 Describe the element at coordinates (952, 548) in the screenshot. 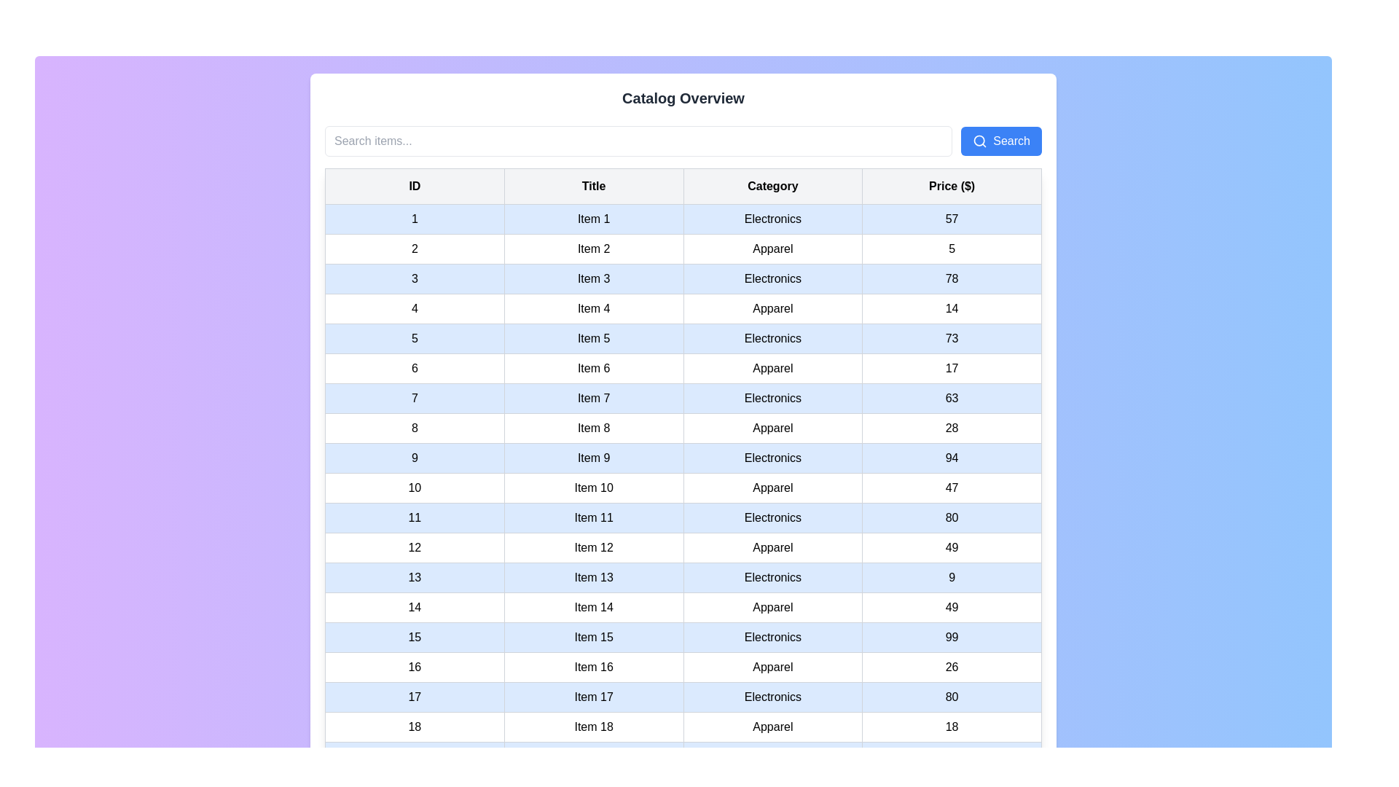

I see `the price label located in row 12, last column under the 'Price ($)' header in the tabular layout` at that location.